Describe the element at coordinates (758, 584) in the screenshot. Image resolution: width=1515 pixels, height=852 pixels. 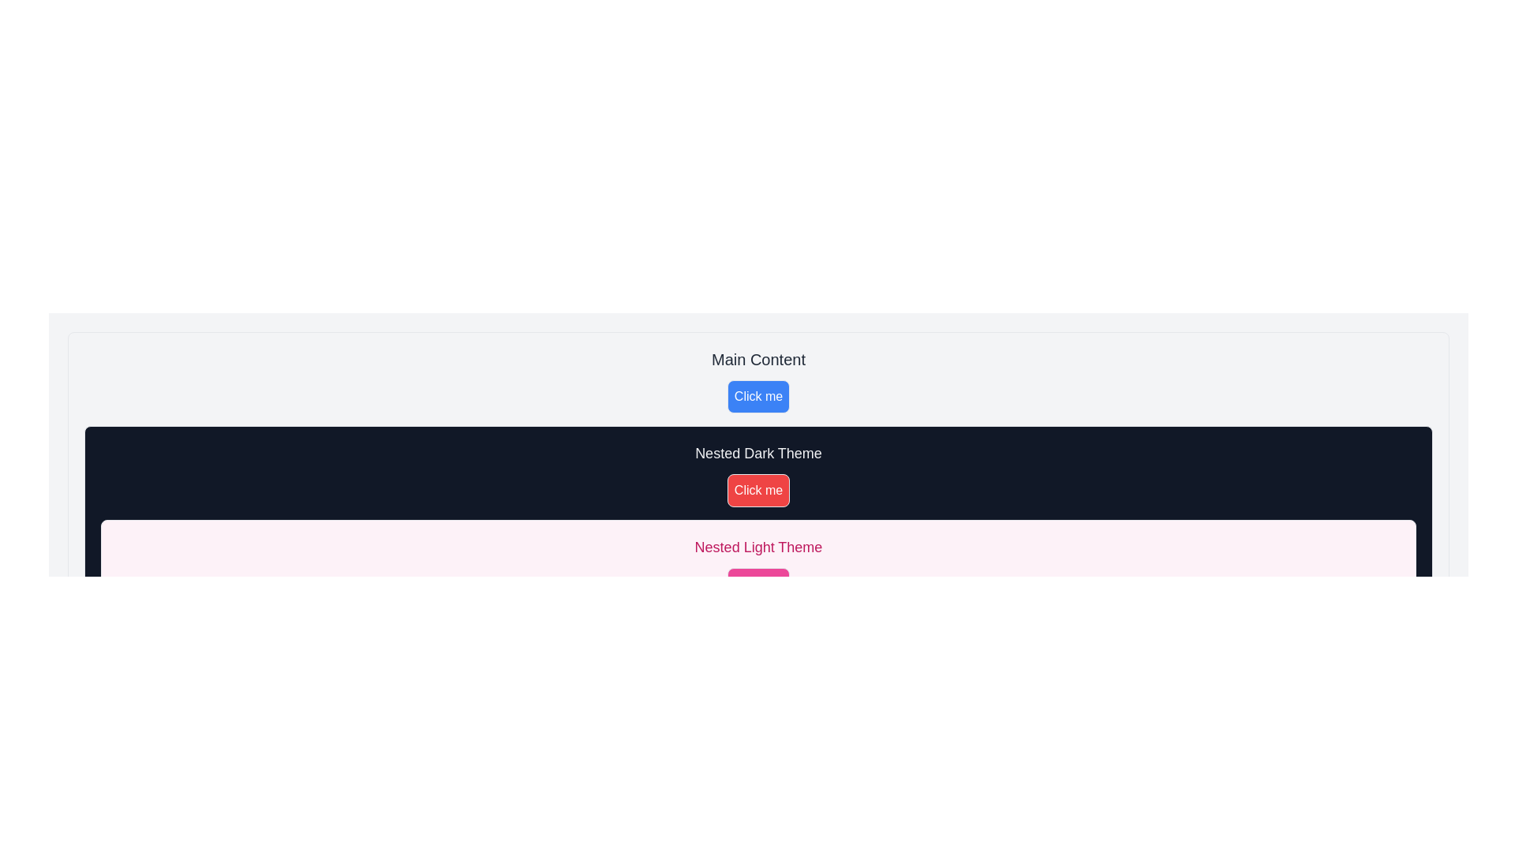
I see `the rectangular button with rounded corners, styled with a pink background and labeled 'Click me'` at that location.